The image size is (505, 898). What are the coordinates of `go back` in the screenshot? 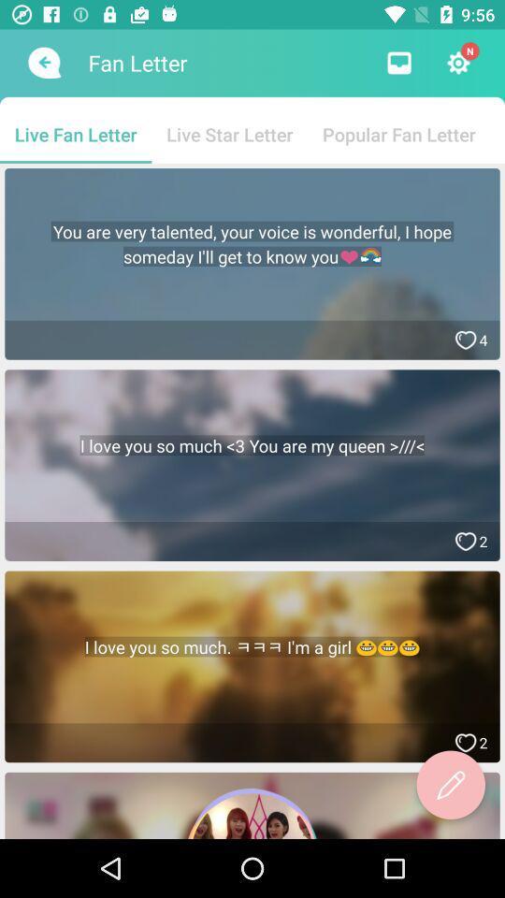 It's located at (42, 63).